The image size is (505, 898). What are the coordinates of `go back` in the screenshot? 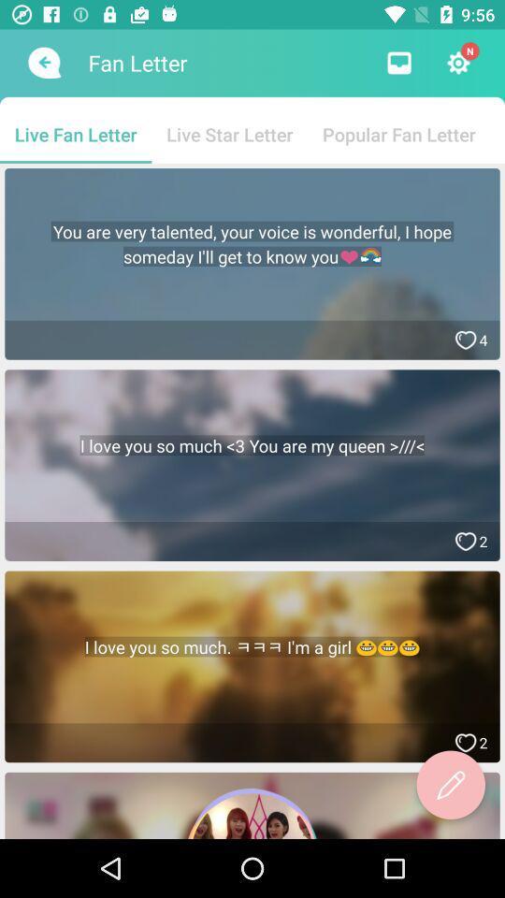 It's located at (42, 63).